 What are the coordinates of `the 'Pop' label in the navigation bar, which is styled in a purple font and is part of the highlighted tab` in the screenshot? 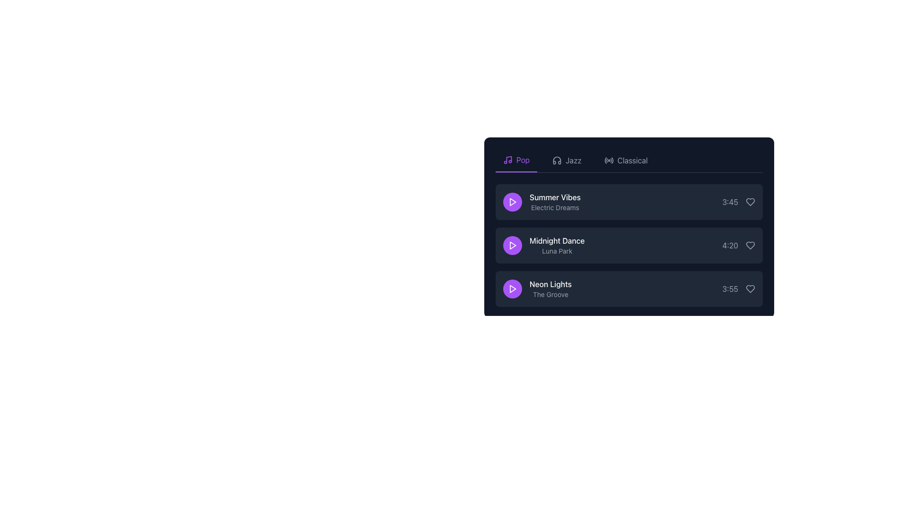 It's located at (523, 160).